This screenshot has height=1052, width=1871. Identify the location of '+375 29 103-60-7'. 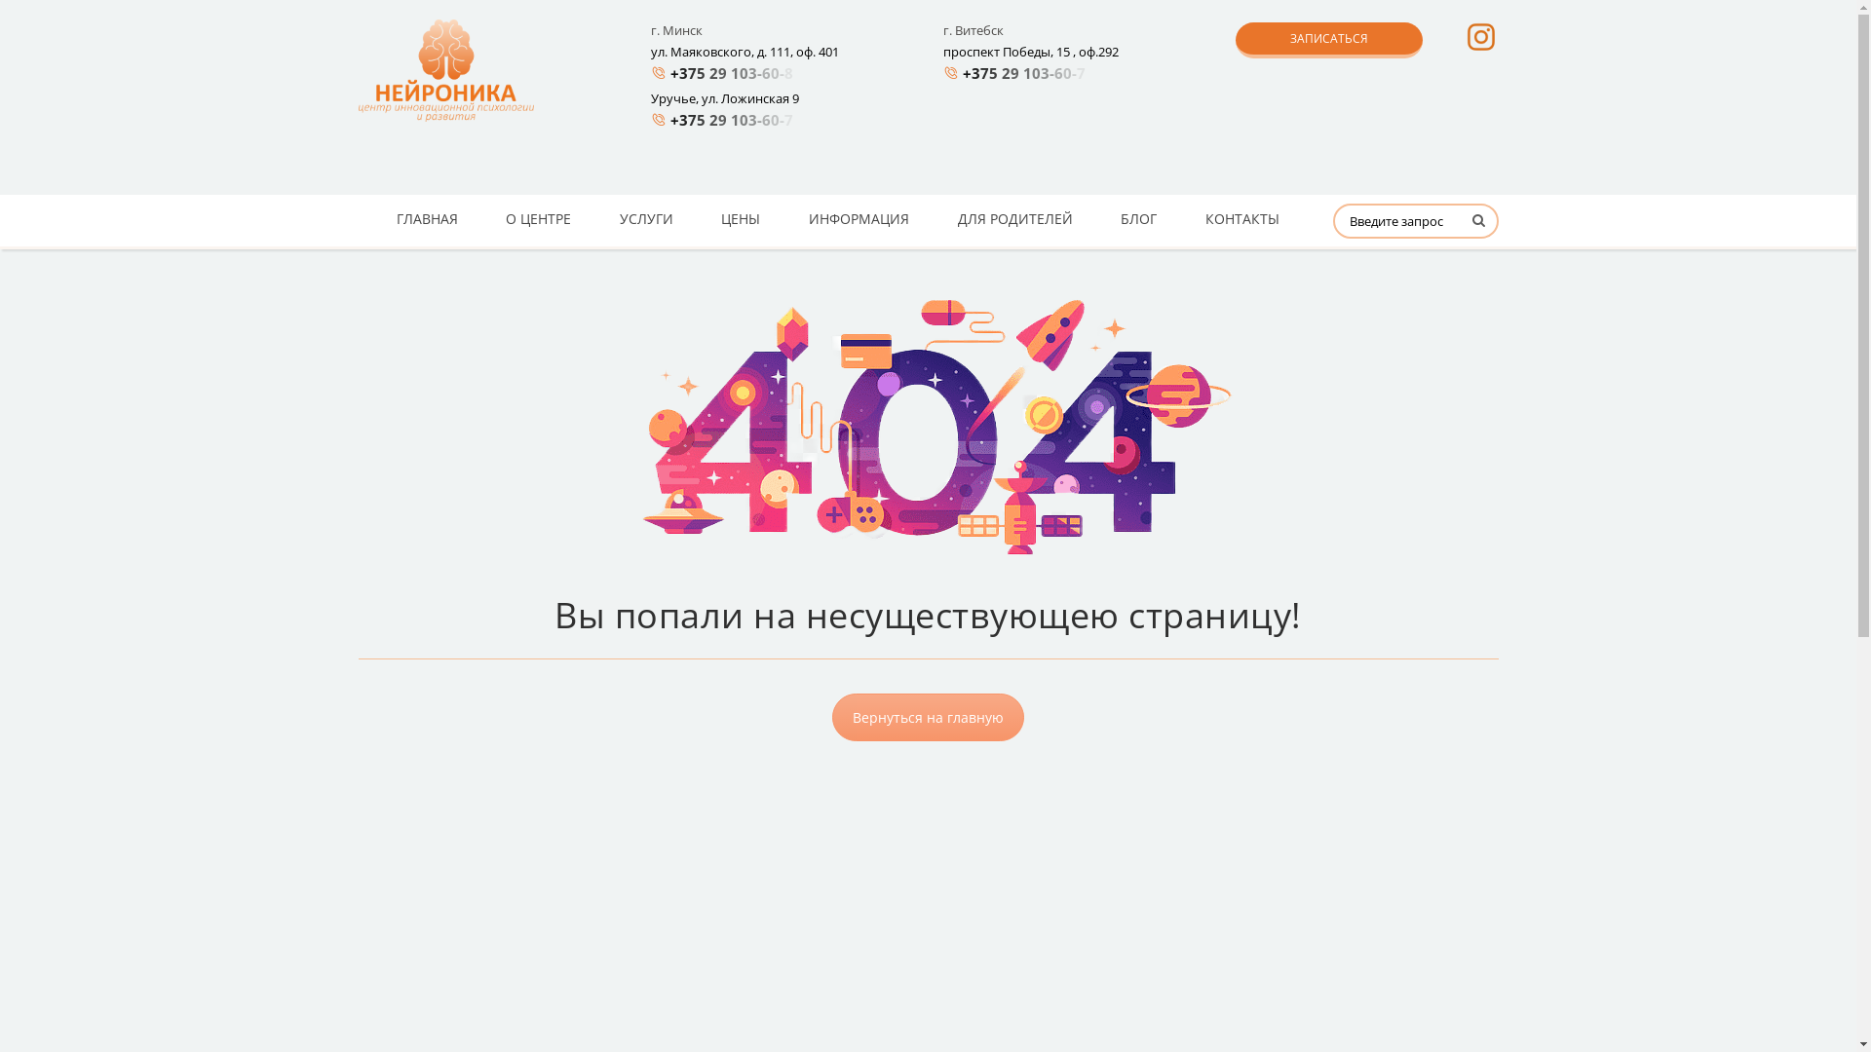
(1027, 71).